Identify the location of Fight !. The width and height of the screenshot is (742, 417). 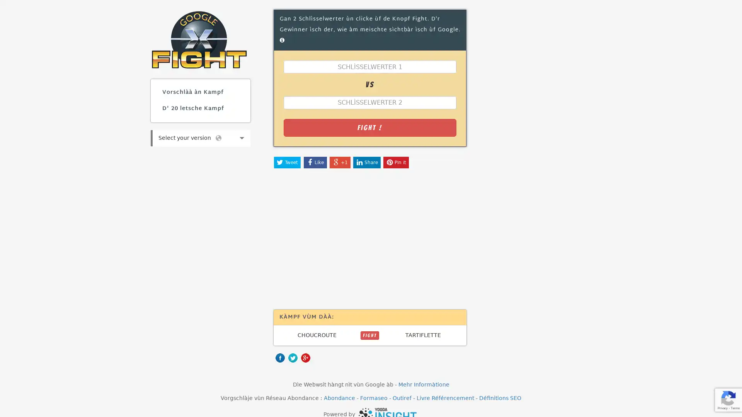
(369, 127).